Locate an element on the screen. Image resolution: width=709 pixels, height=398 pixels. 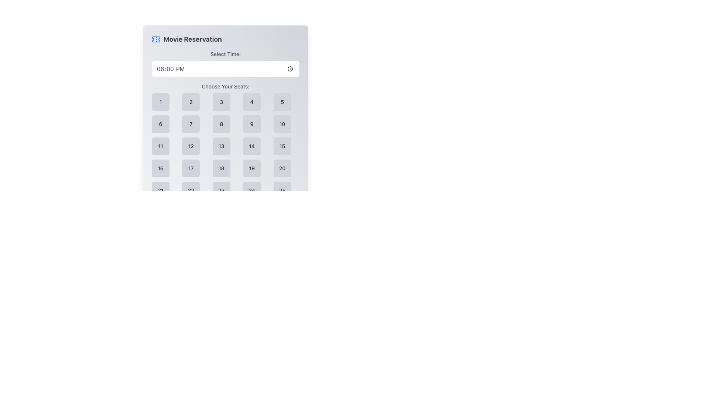
the button displaying the number '12' is located at coordinates (191, 146).